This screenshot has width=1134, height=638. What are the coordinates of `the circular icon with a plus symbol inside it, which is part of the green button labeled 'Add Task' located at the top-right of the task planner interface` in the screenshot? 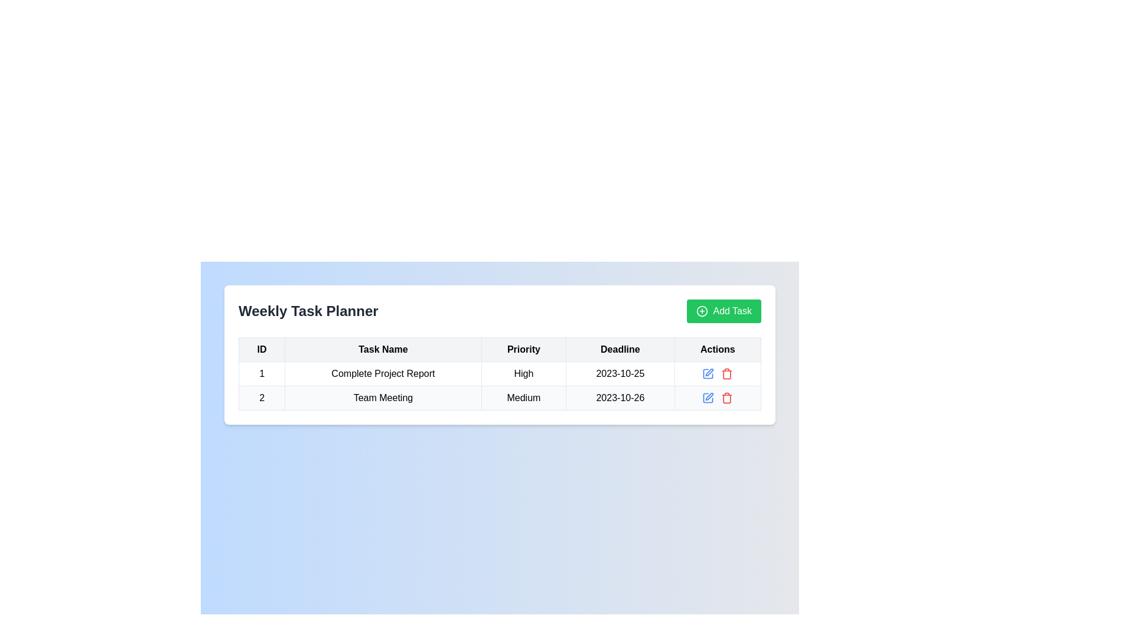 It's located at (702, 311).